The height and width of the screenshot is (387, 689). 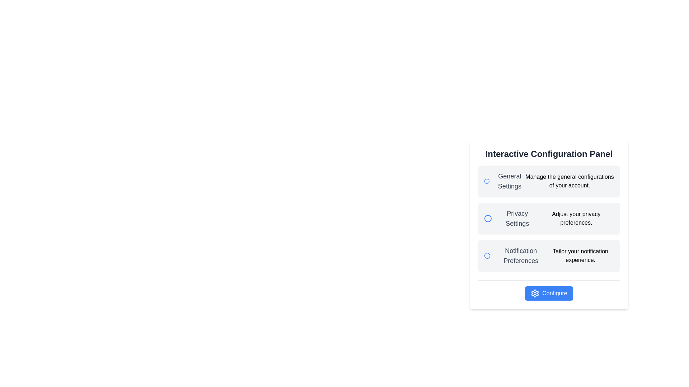 What do you see at coordinates (504, 181) in the screenshot?
I see `the 'General Settings' label, which is styled in a bold font and is the first item in the configuration list, located next to a blue circular icon` at bounding box center [504, 181].